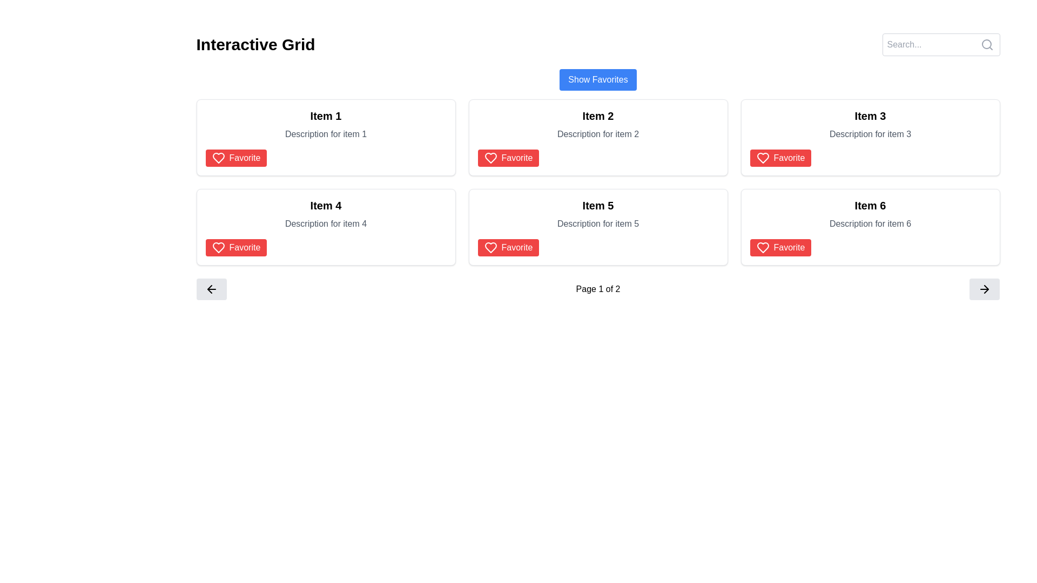  What do you see at coordinates (211, 289) in the screenshot?
I see `the navigation icon located at the bottom left corner of the layout to potentially display a tooltip` at bounding box center [211, 289].